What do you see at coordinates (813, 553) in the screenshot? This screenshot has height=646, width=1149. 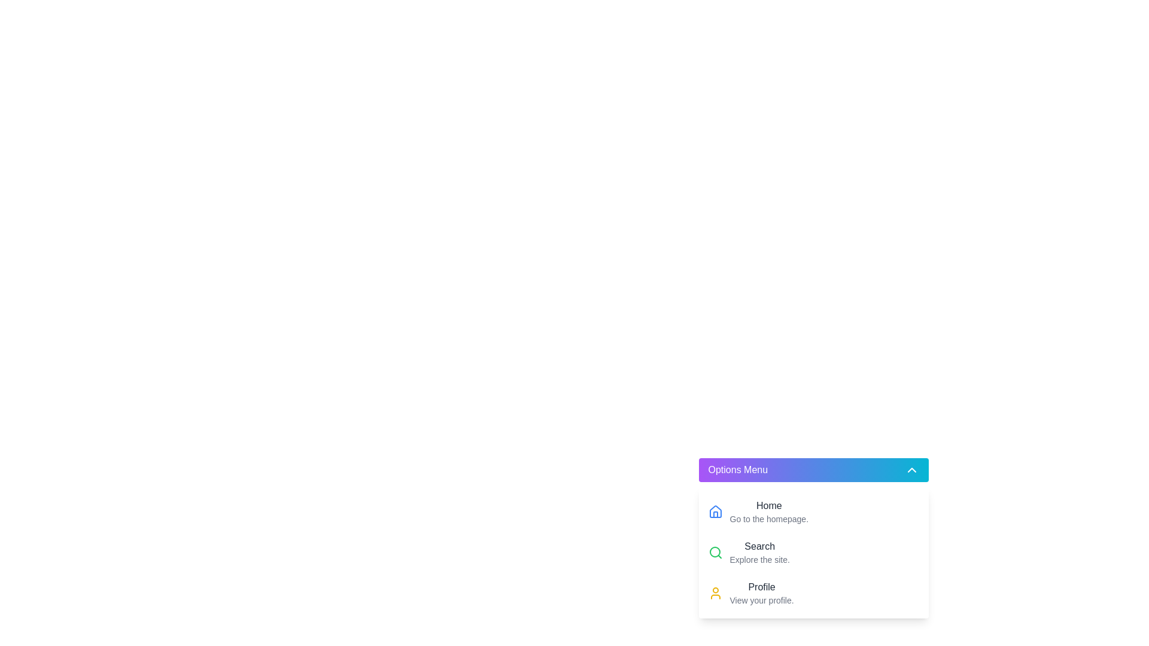 I see `the second option in the 'Options Menu' dropdown, which has a white background, rounded corners, and is positioned between 'Home' and 'Profile'` at bounding box center [813, 553].